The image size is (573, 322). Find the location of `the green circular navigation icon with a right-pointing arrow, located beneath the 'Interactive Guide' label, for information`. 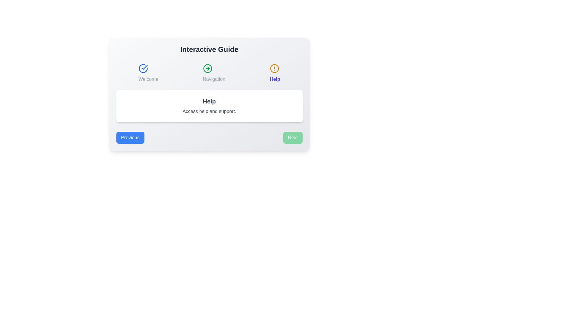

the green circular navigation icon with a right-pointing arrow, located beneath the 'Interactive Guide' label, for information is located at coordinates (207, 68).